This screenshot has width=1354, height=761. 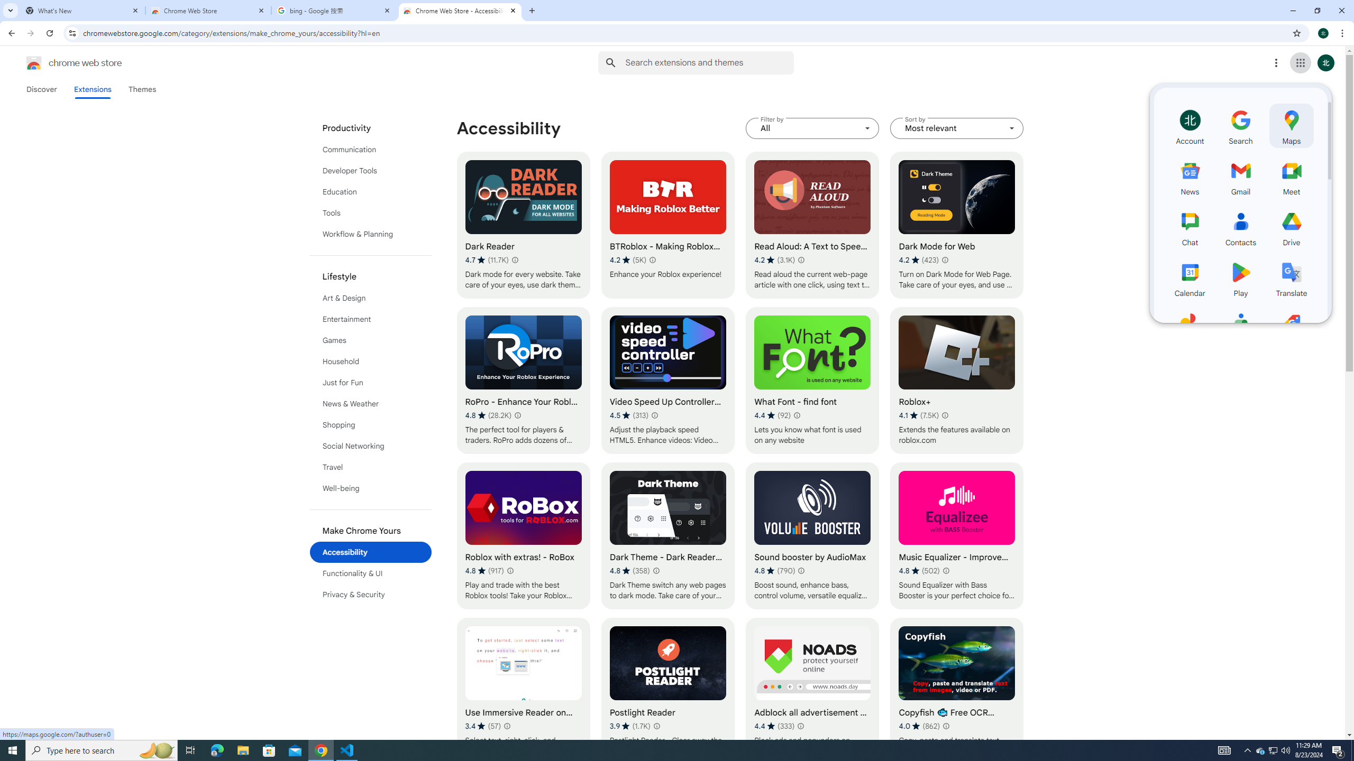 What do you see at coordinates (483, 571) in the screenshot?
I see `'Average rating 4.8 out of 5 stars. 917 ratings.'` at bounding box center [483, 571].